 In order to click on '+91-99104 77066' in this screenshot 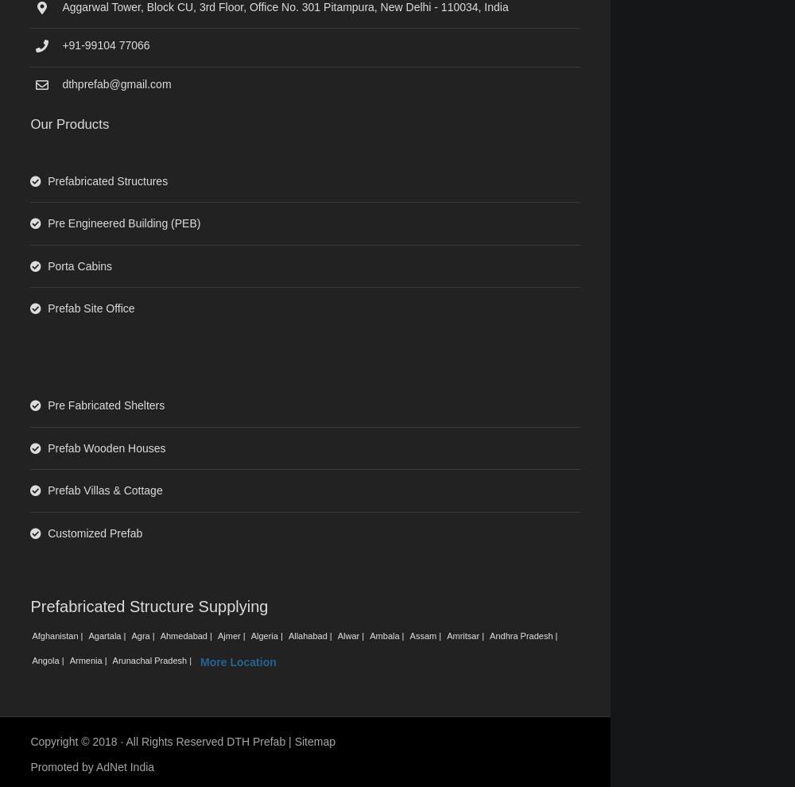, I will do `click(106, 45)`.